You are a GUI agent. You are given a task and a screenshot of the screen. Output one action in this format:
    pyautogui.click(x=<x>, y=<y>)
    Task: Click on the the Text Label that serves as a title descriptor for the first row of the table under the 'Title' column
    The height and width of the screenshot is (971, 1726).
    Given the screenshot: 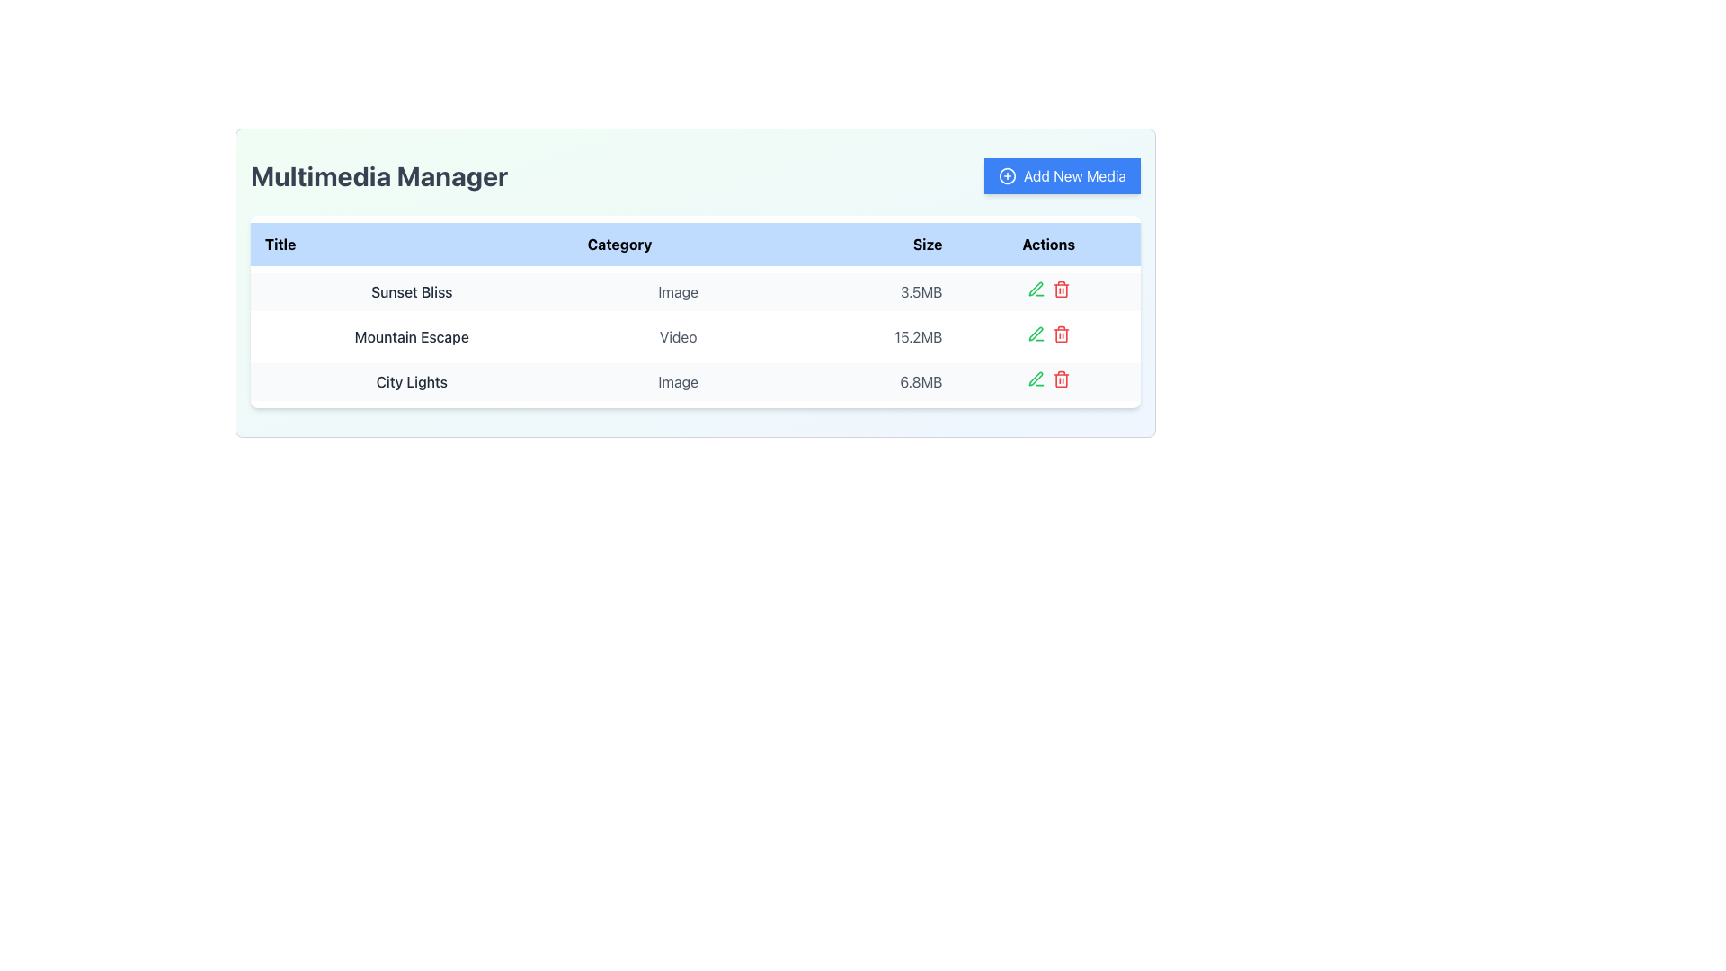 What is the action you would take?
    pyautogui.click(x=411, y=290)
    